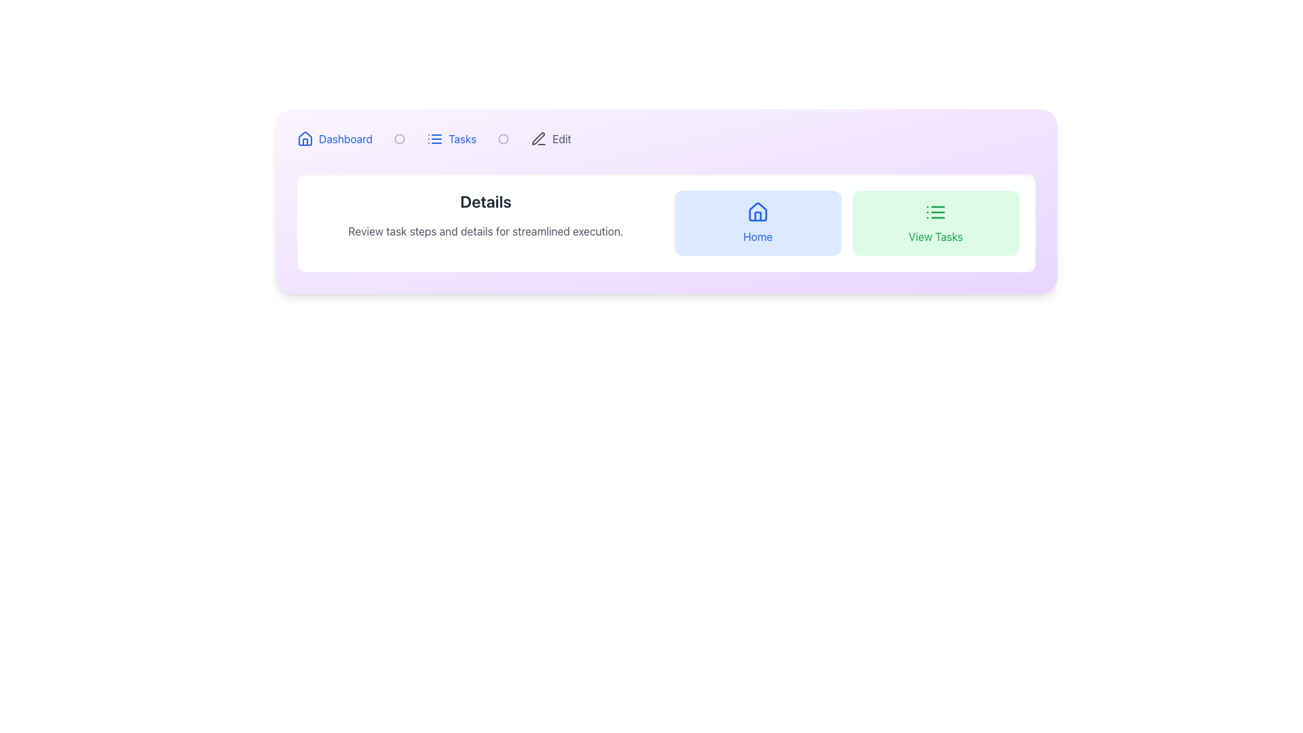 This screenshot has height=733, width=1303. I want to click on the list icon element, which is styled in blue and located to the left of the 'Tasks' label in the navigation menu bar, so click(435, 138).